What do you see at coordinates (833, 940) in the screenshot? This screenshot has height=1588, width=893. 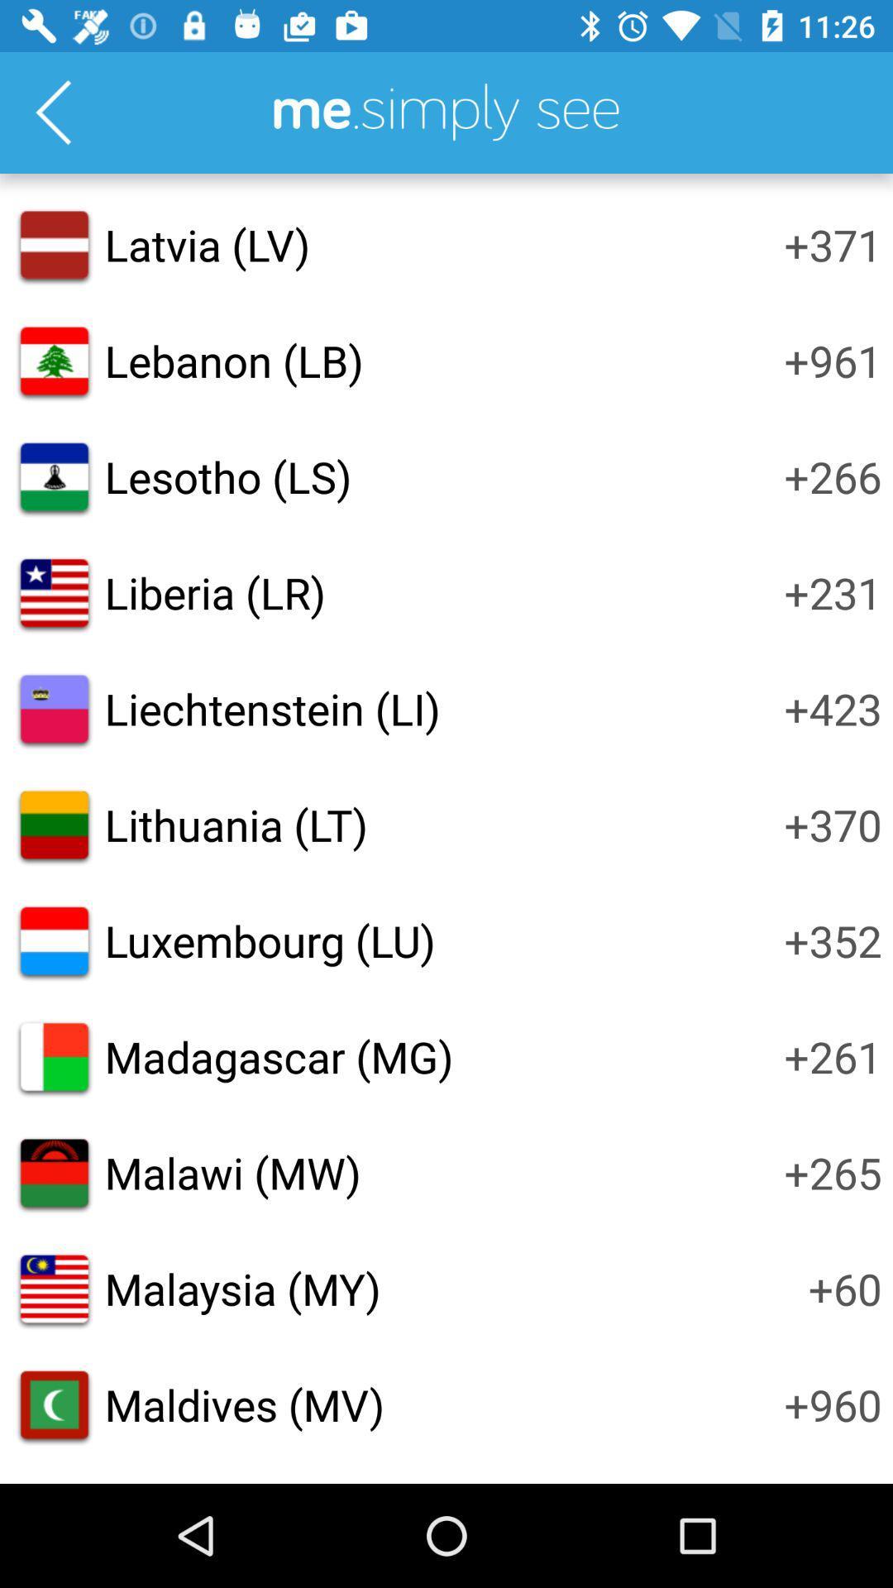 I see `the item to the right of the luxembourg (lu)` at bounding box center [833, 940].